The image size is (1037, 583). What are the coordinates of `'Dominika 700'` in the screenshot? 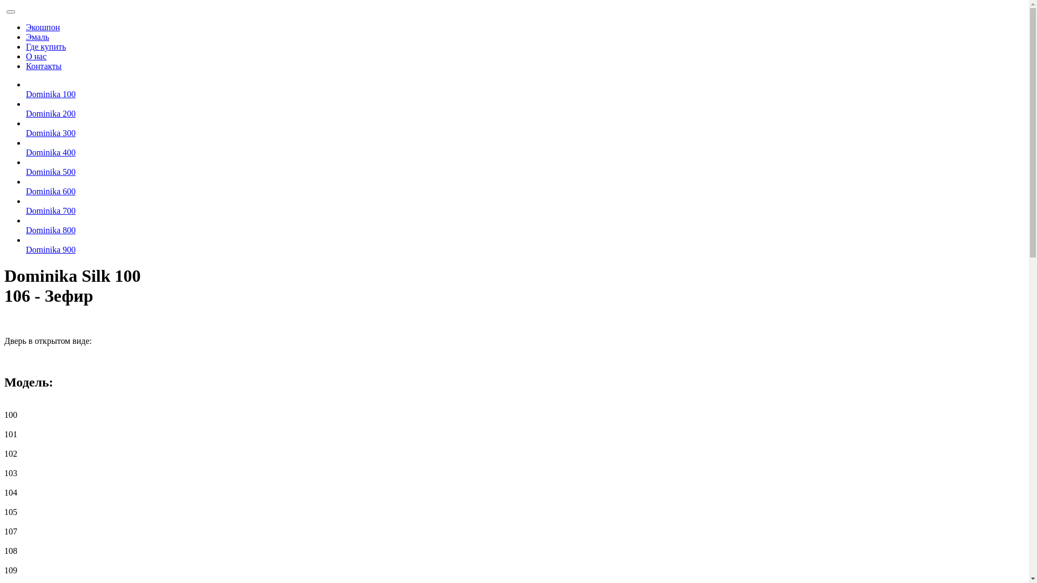 It's located at (50, 211).